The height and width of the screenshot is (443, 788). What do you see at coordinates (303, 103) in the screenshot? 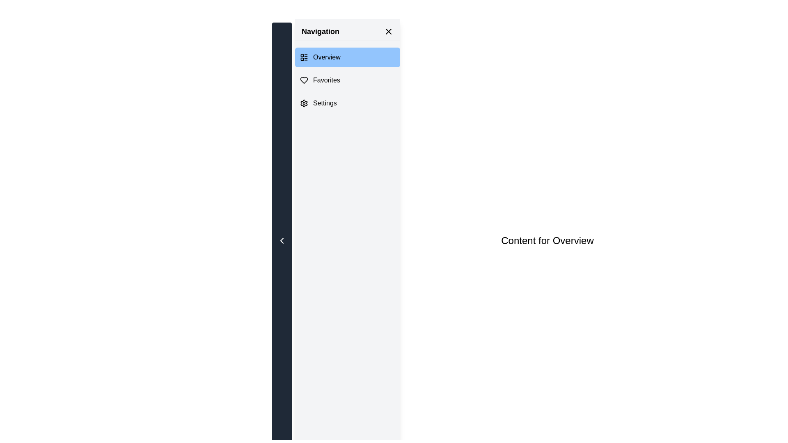
I see `the 'Settings' icon located in the sidebar, which is the leftmost component of the 'Settings' entry` at bounding box center [303, 103].